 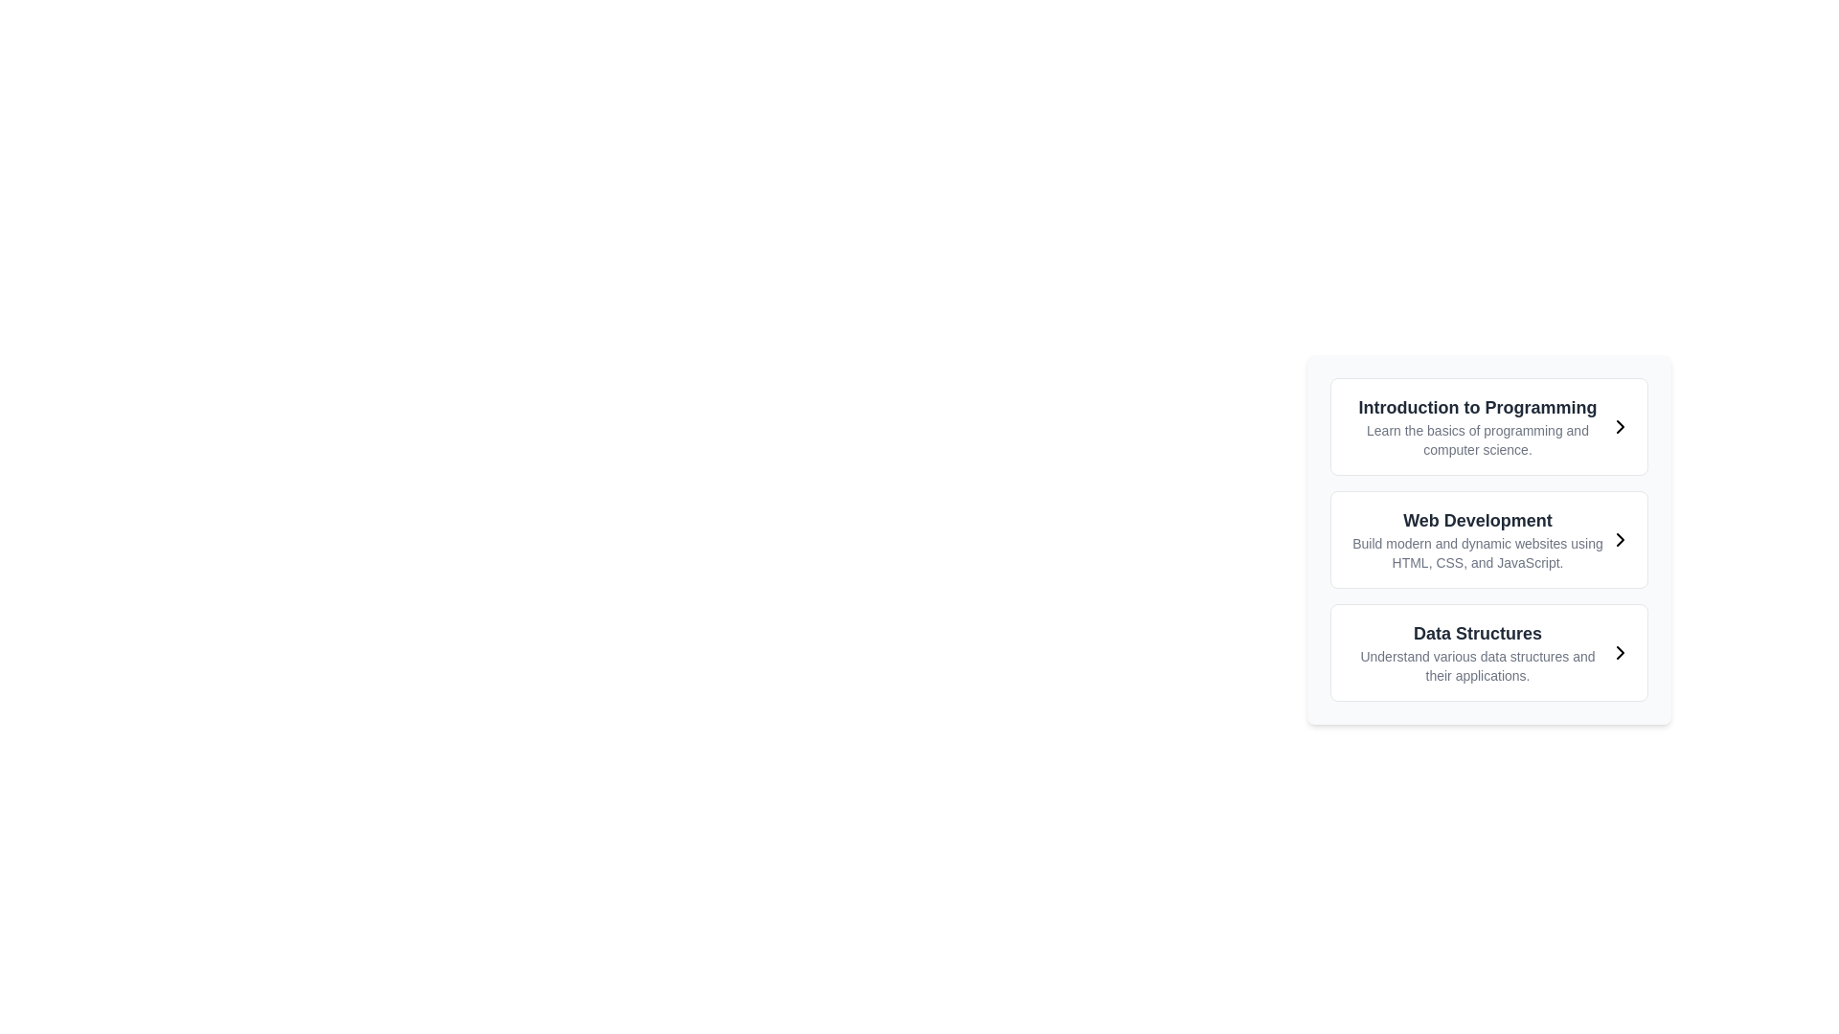 What do you see at coordinates (1619, 652) in the screenshot?
I see `the arrow icon located at the far right of the 'Data Structures' tile` at bounding box center [1619, 652].